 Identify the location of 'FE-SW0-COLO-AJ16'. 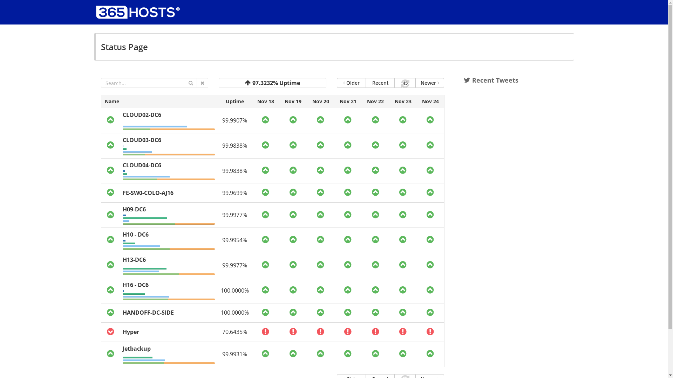
(148, 193).